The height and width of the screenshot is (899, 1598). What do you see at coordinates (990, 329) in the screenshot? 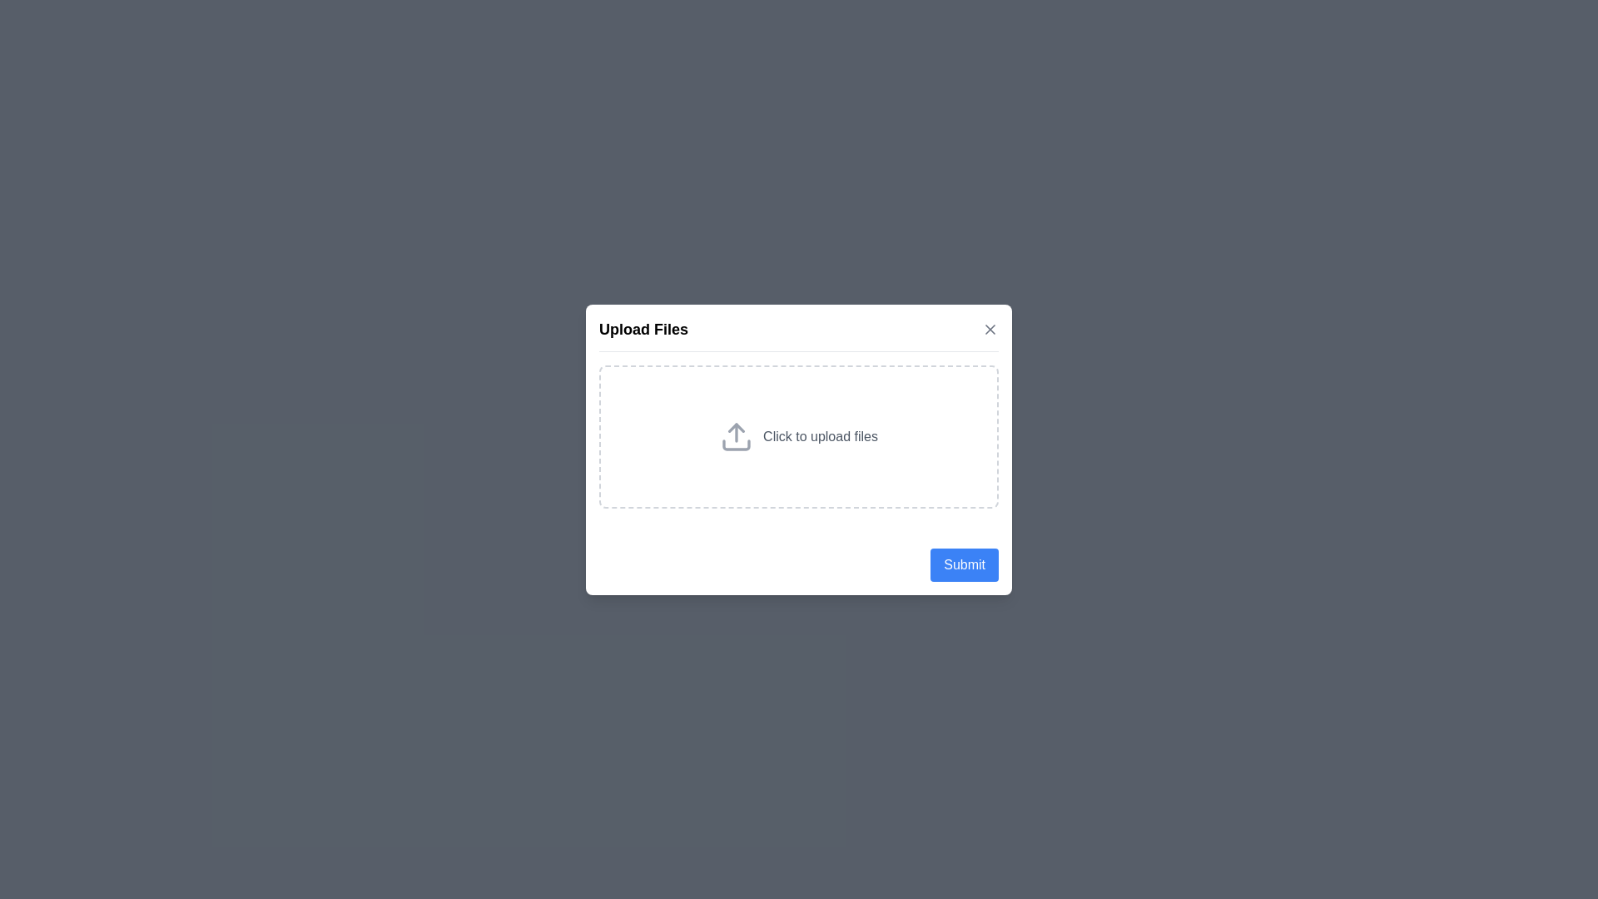
I see `the close button in the top-right corner of the dialog` at bounding box center [990, 329].